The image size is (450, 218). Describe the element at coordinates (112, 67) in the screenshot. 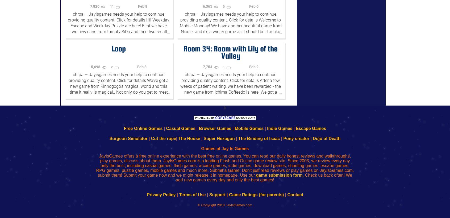

I see `'2'` at that location.